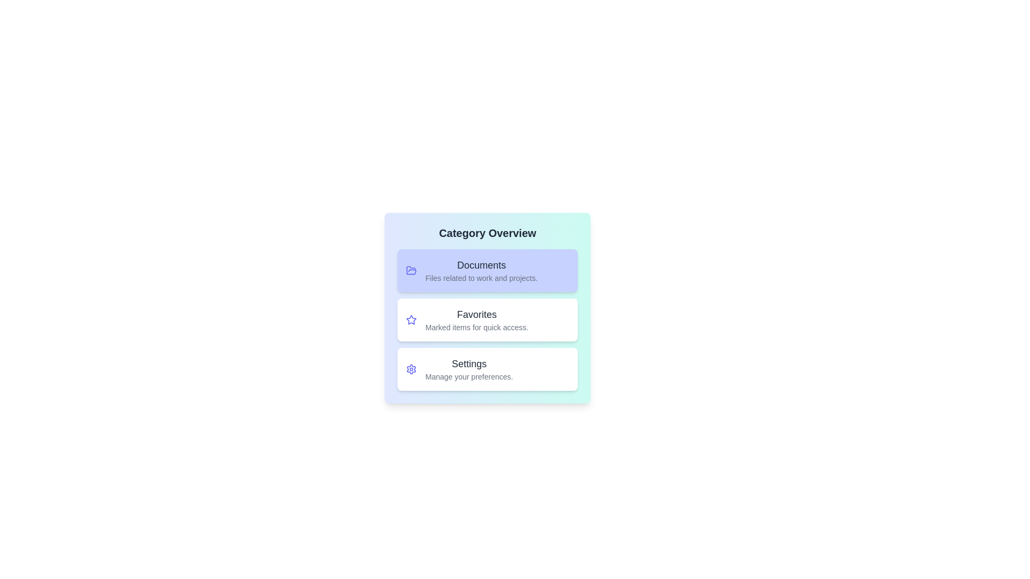 This screenshot has width=1030, height=579. What do you see at coordinates (487, 270) in the screenshot?
I see `the category Documents to observe the hover effect` at bounding box center [487, 270].